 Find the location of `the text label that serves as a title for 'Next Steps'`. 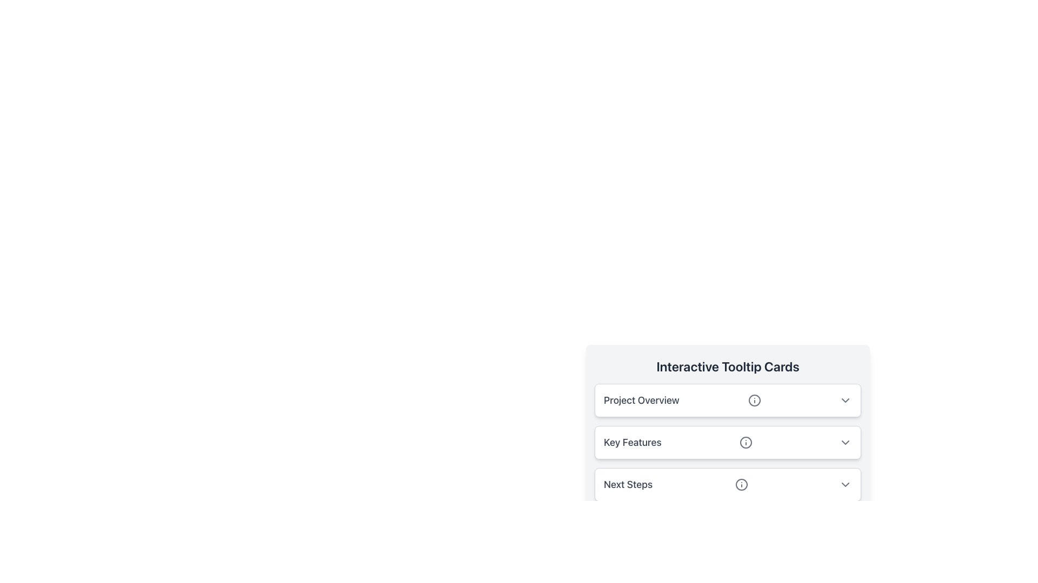

the text label that serves as a title for 'Next Steps' is located at coordinates (628, 484).